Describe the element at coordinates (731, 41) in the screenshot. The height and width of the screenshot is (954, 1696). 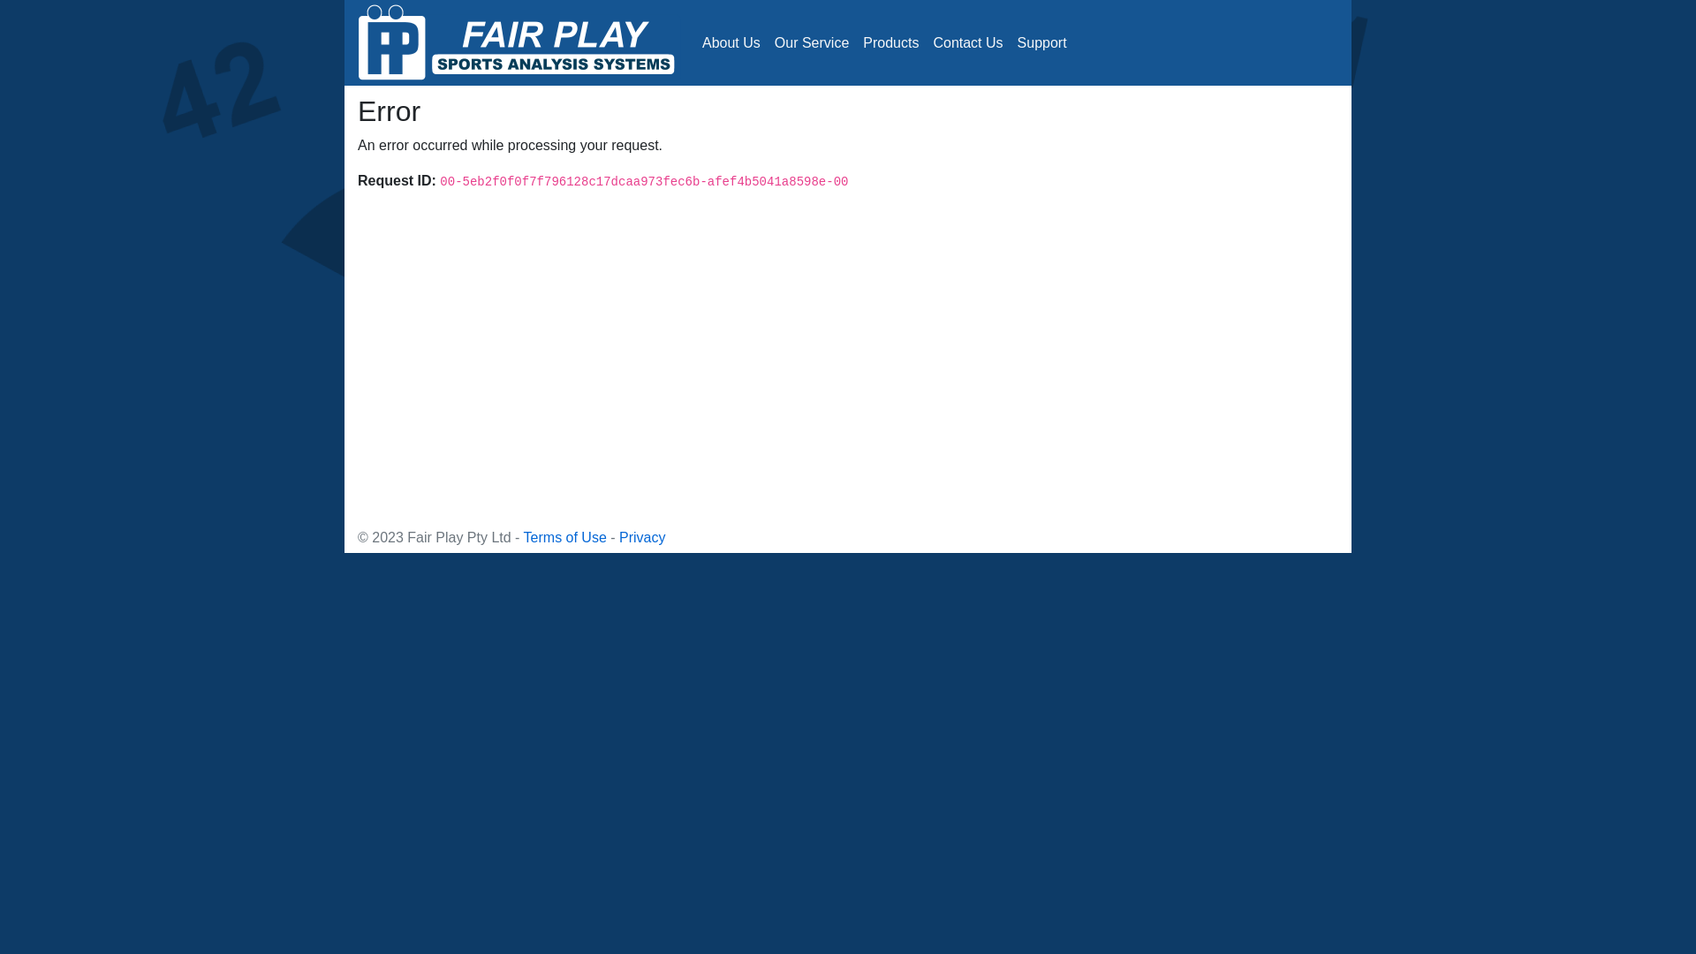
I see `'About Us'` at that location.